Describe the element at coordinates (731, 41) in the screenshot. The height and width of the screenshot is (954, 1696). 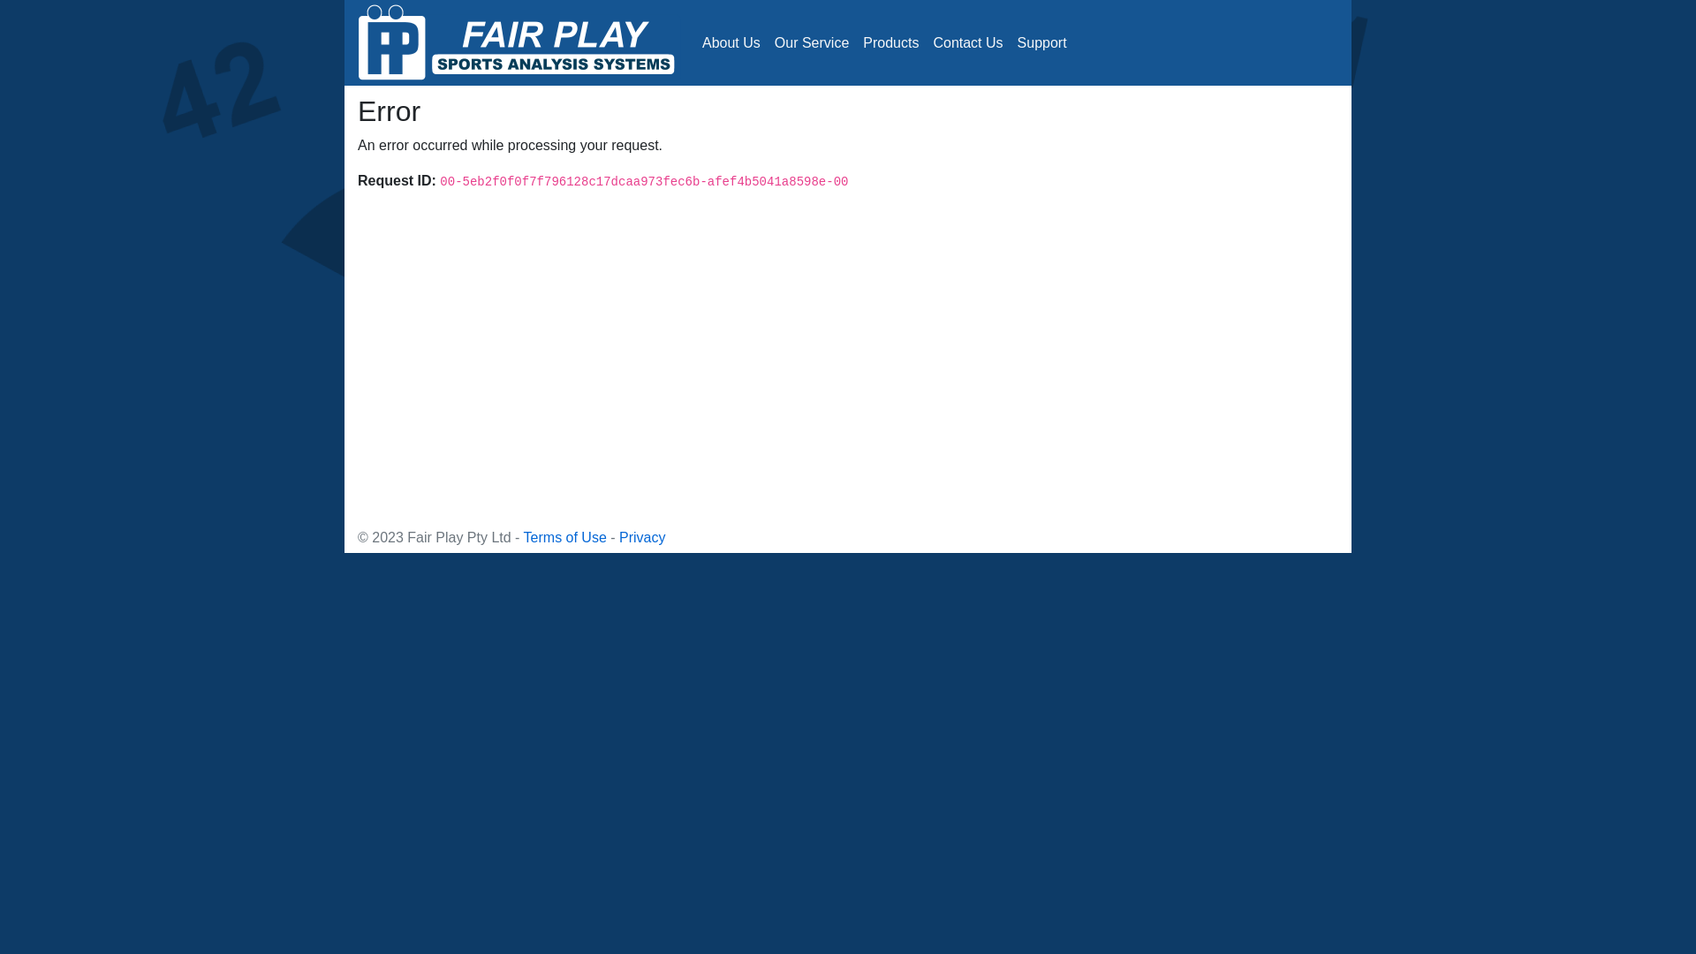
I see `'About Us'` at that location.